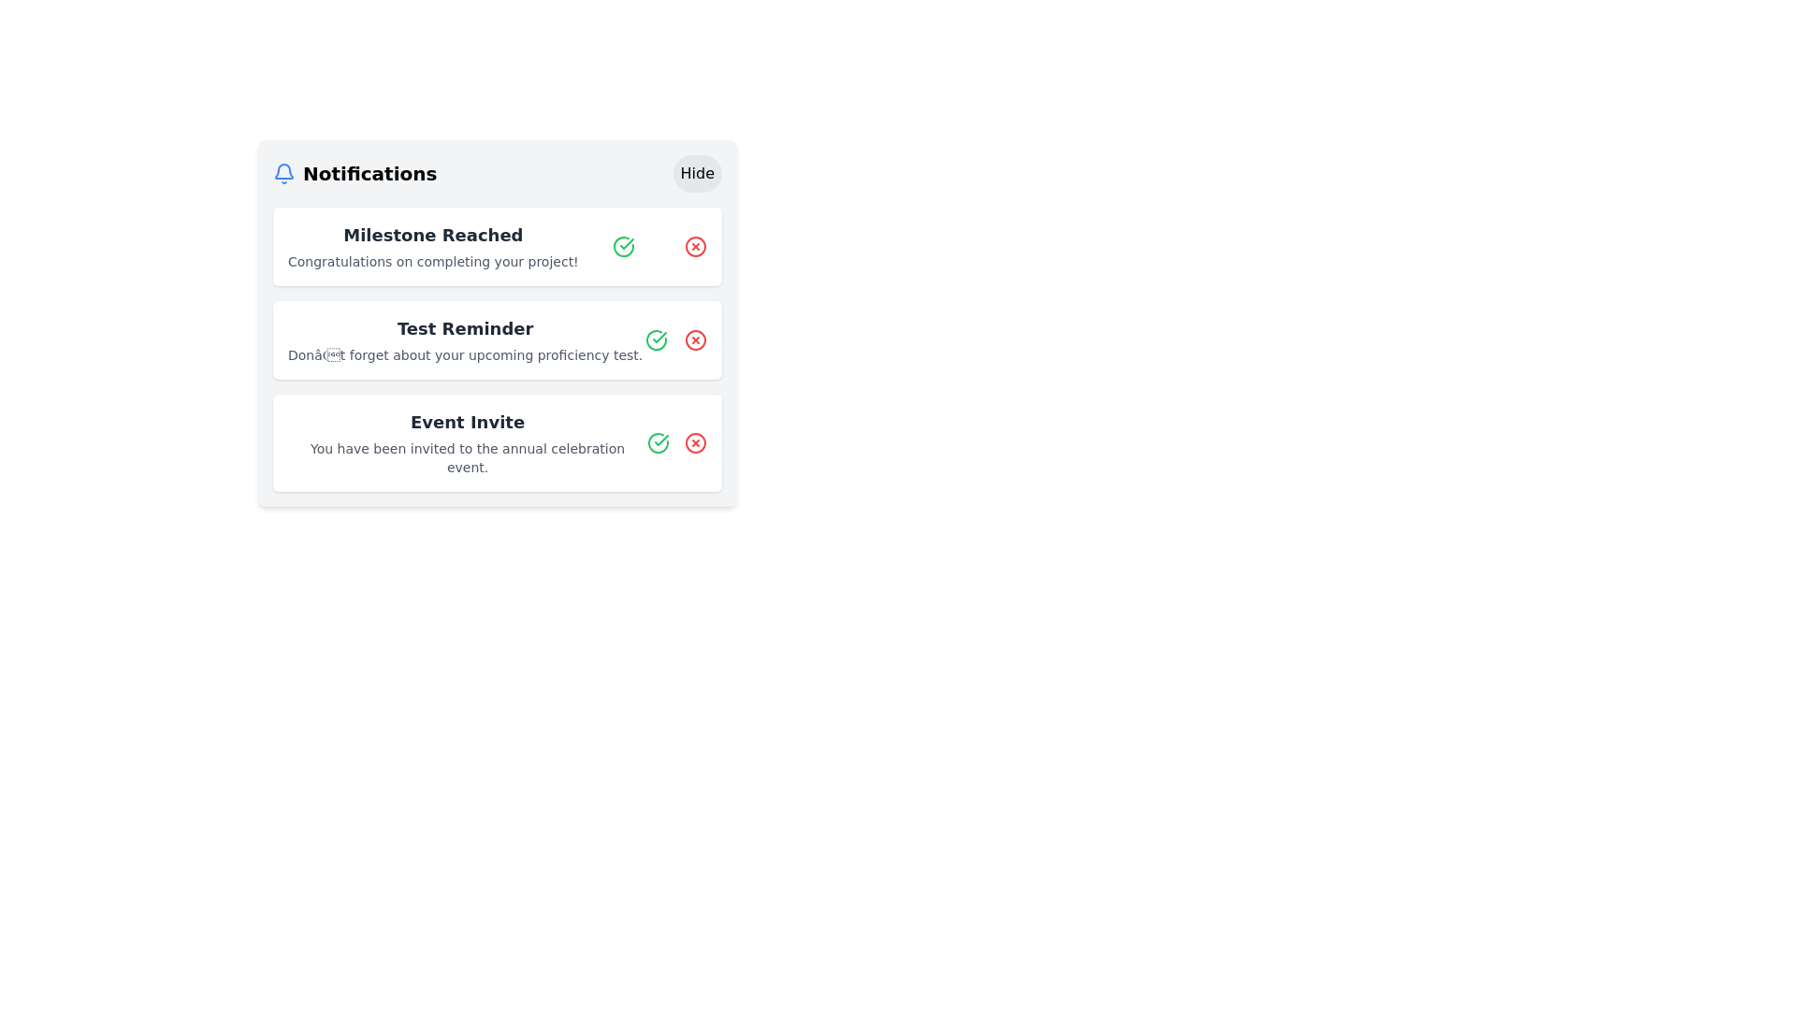  What do you see at coordinates (432, 234) in the screenshot?
I see `Text heading located at the top-left of the notification card summarizing the notification's content` at bounding box center [432, 234].